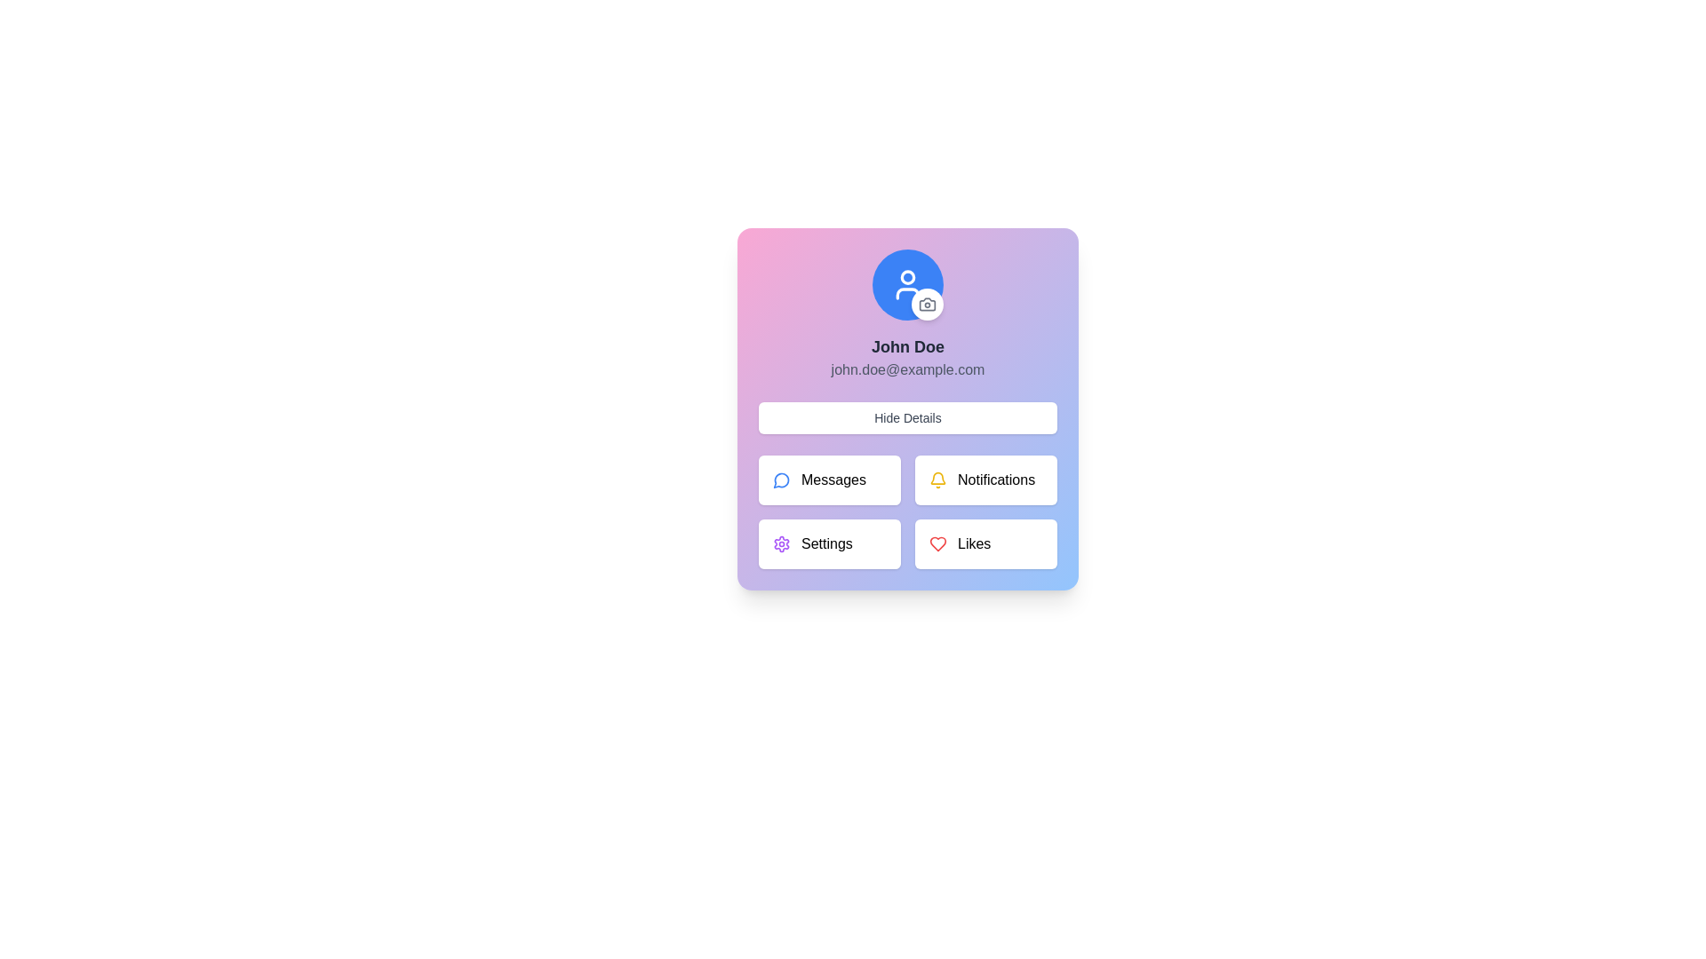  I want to click on the small circular button with a white background that contains a camera icon, located at the bottom-right corner of the user profile picture, so click(926, 304).